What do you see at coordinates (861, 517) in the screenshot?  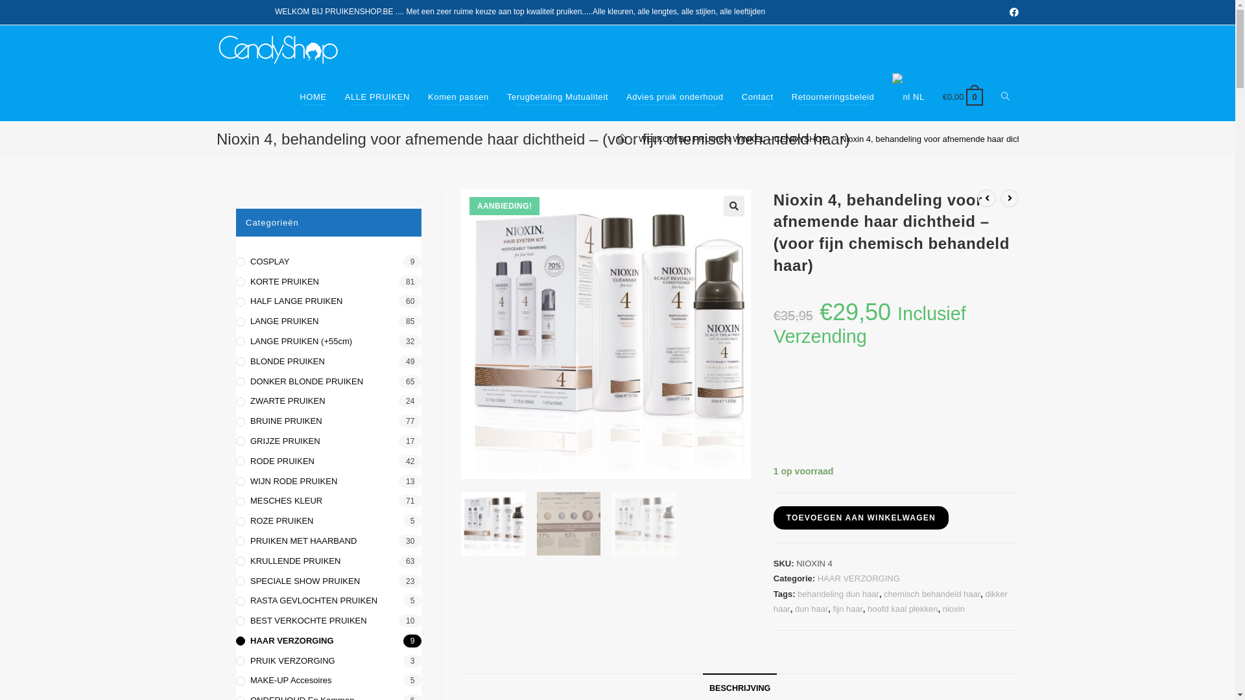 I see `'TOEVOEGEN AAN WINKELWAGEN'` at bounding box center [861, 517].